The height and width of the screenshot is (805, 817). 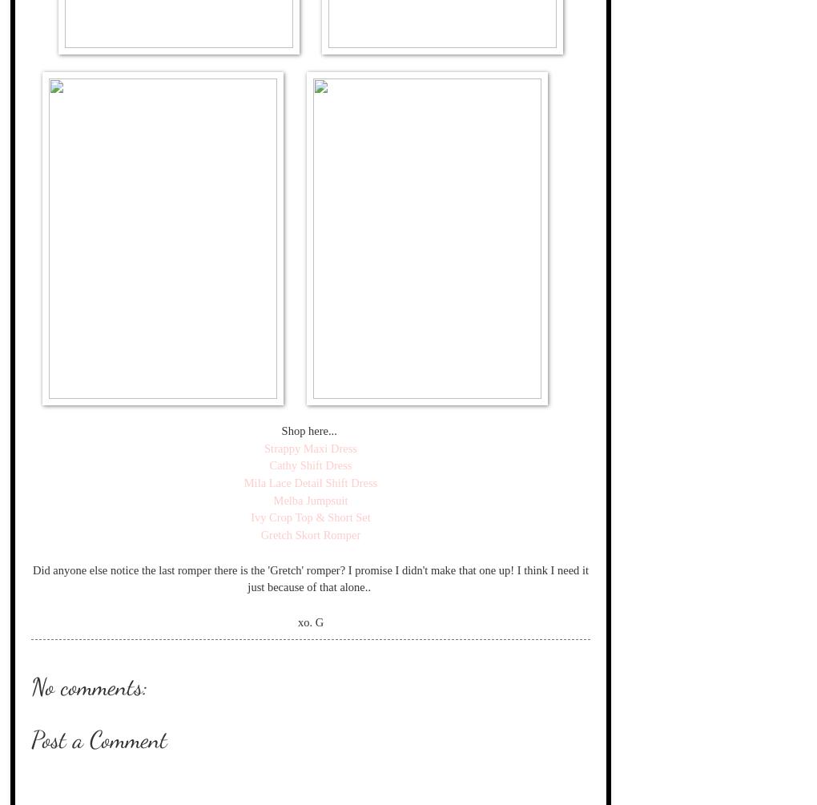 What do you see at coordinates (310, 481) in the screenshot?
I see `'Mila Lace Detail Shift Dress'` at bounding box center [310, 481].